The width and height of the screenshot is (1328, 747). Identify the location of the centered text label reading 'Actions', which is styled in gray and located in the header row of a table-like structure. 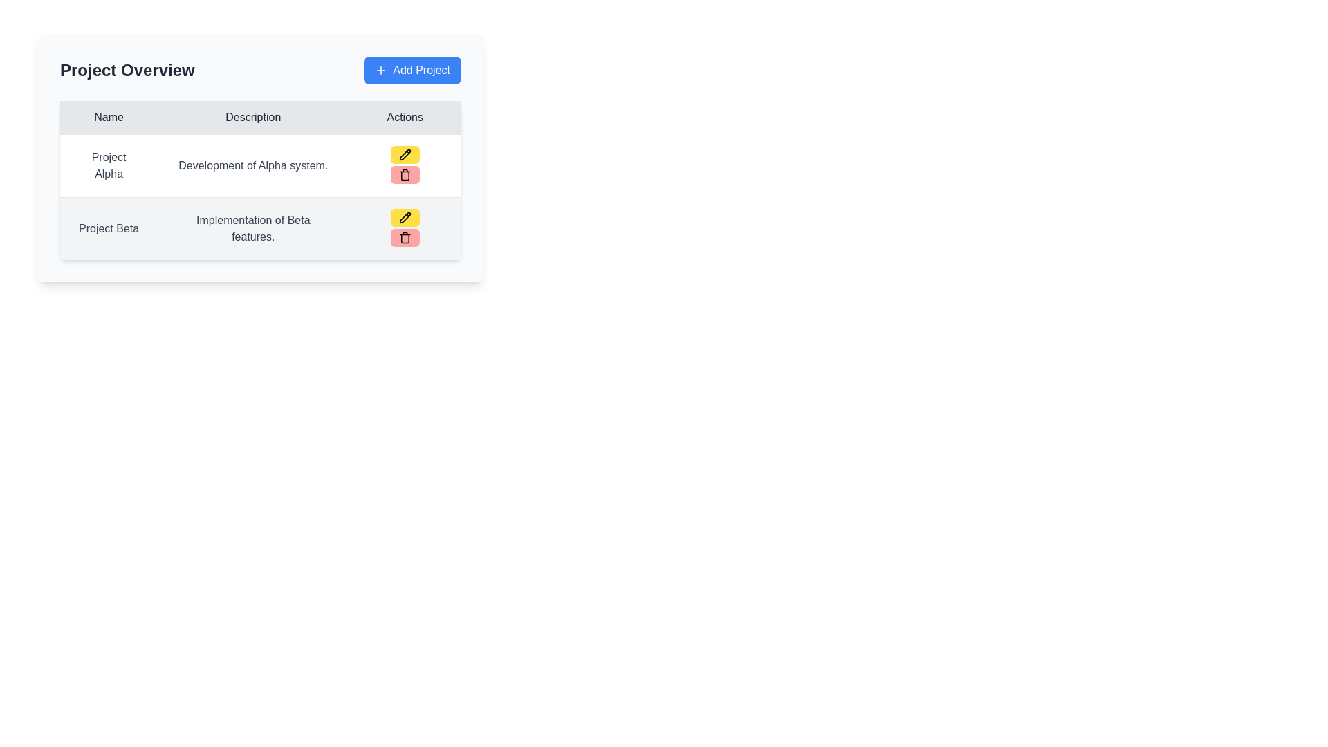
(404, 117).